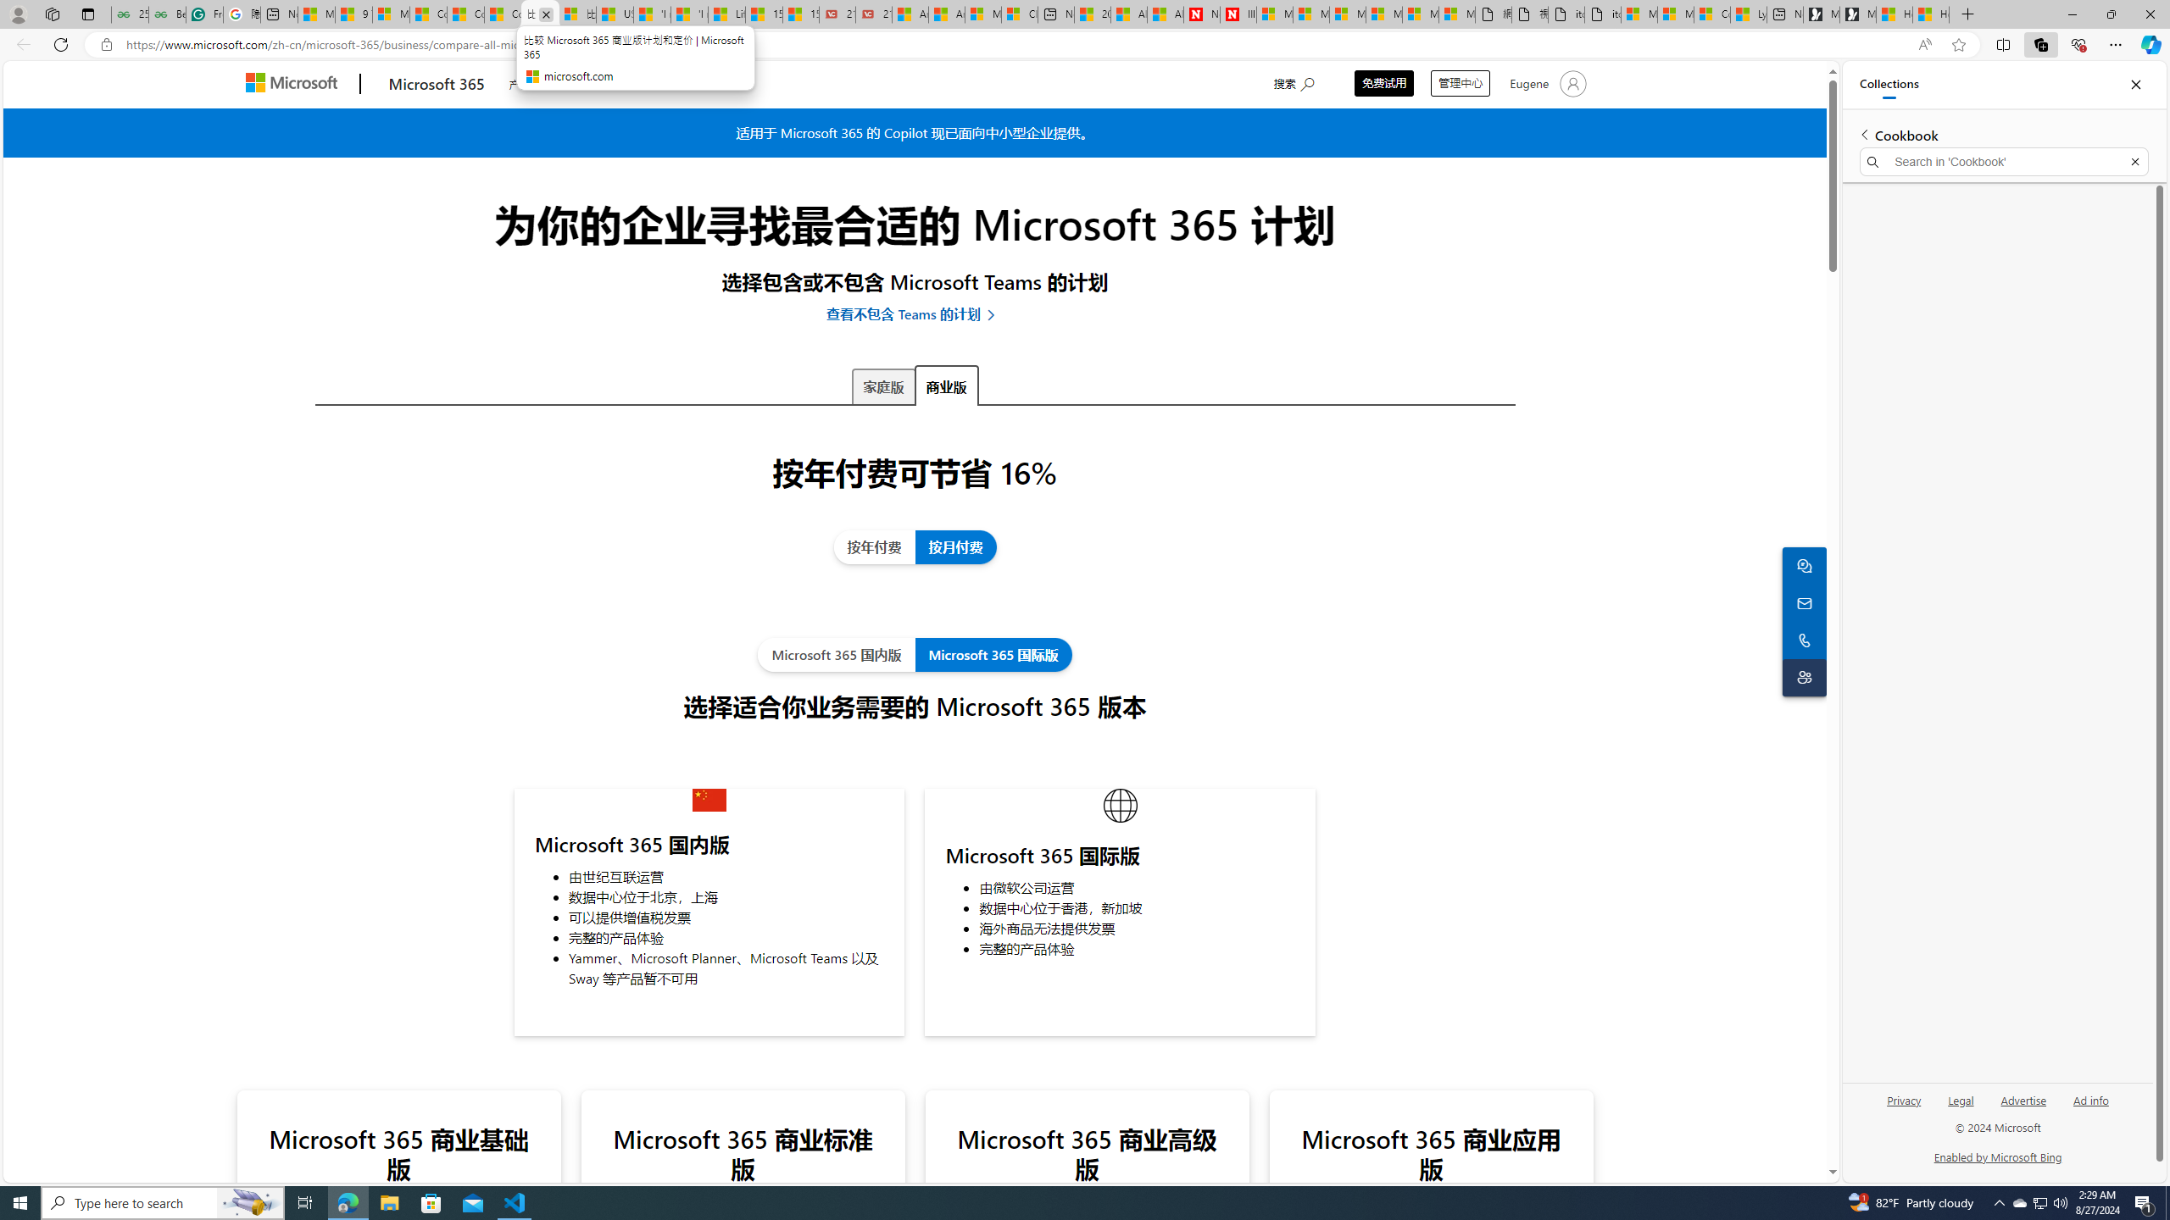  What do you see at coordinates (2135, 162) in the screenshot?
I see `'Exit search'` at bounding box center [2135, 162].